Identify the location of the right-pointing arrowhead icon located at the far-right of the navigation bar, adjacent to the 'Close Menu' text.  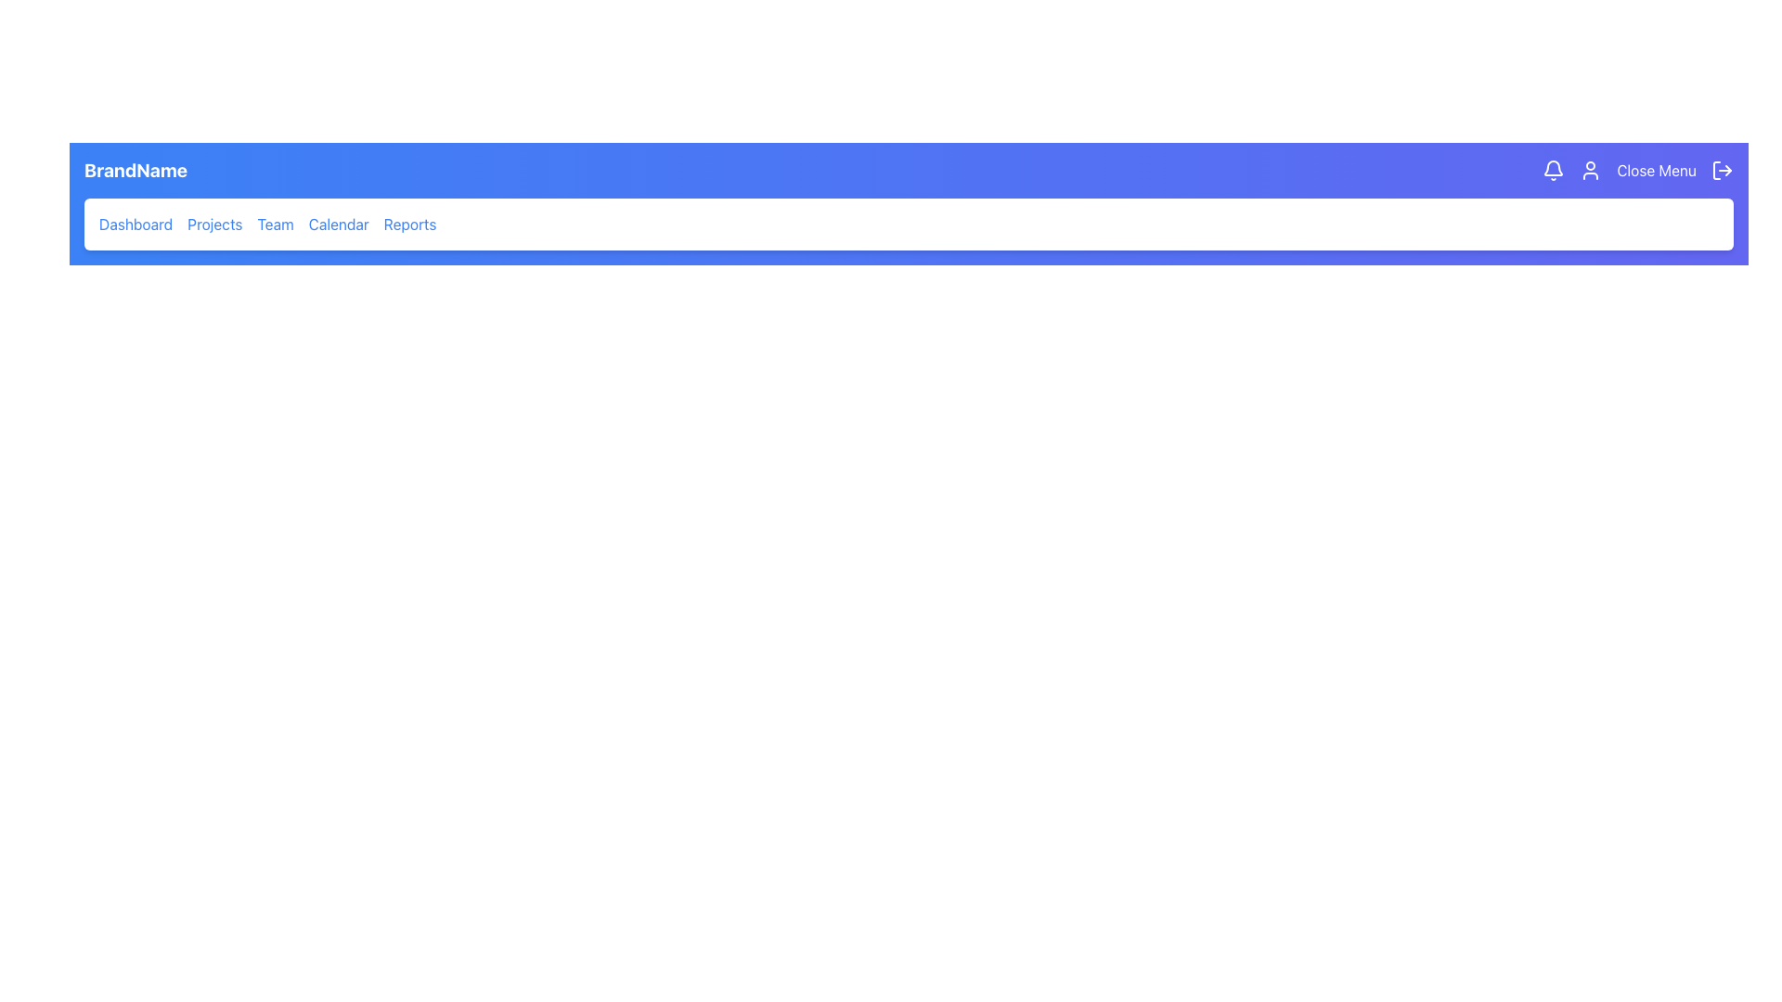
(1727, 171).